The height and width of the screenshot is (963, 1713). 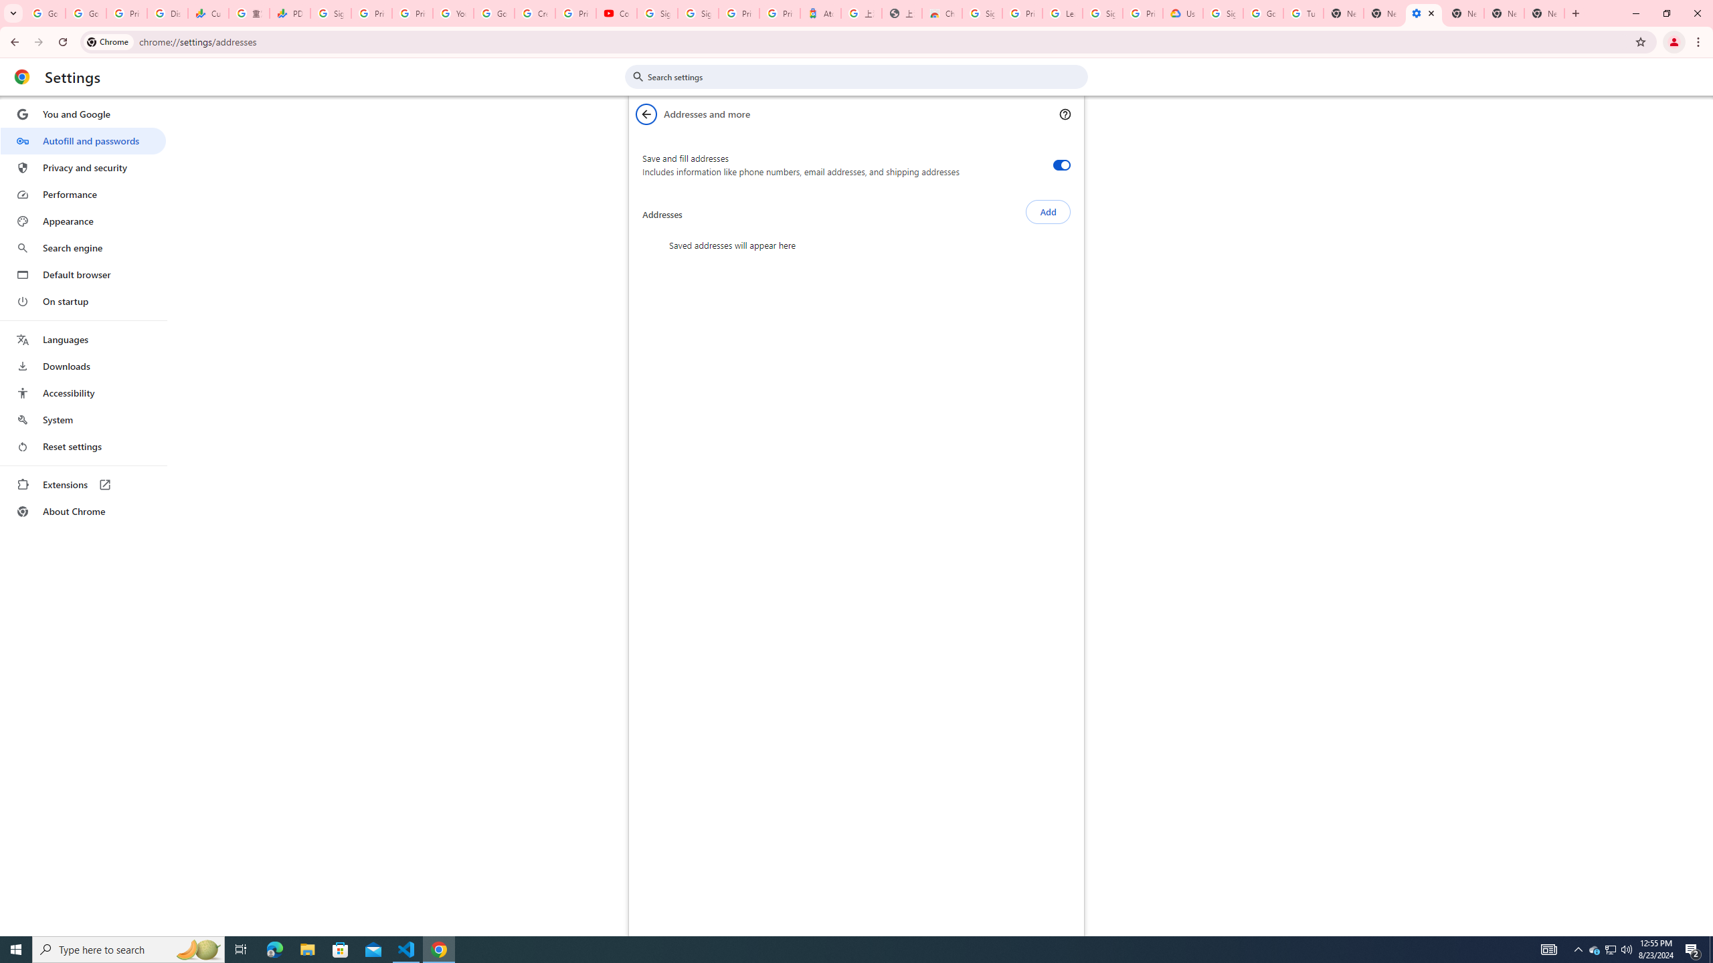 I want to click on 'Search engine', so click(x=82, y=248).